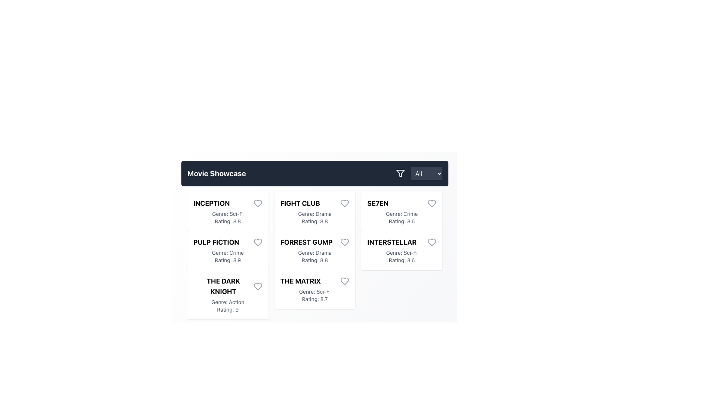  I want to click on the text label displaying the genre 'Sci-Fi' located under the title 'INTERSTELLAR' and above the rating value '8.6', so click(410, 252).